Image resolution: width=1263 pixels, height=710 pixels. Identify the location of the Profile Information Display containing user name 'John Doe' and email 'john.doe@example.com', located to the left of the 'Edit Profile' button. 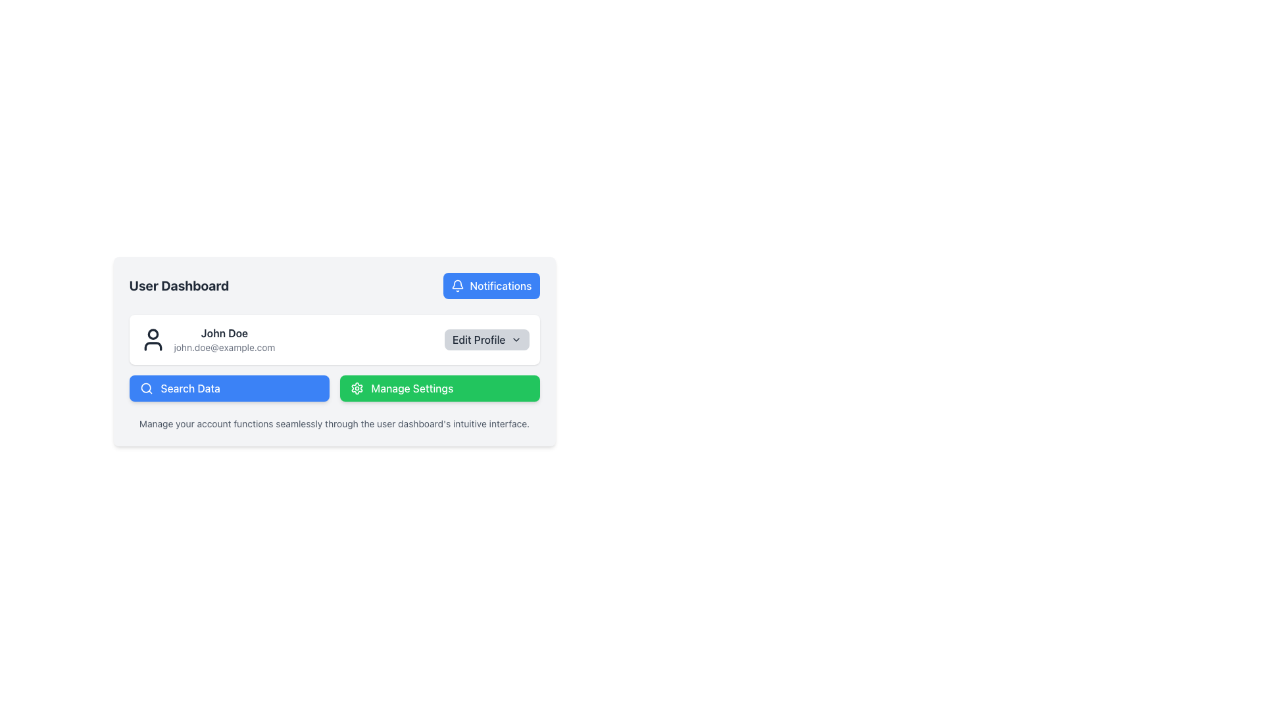
(207, 339).